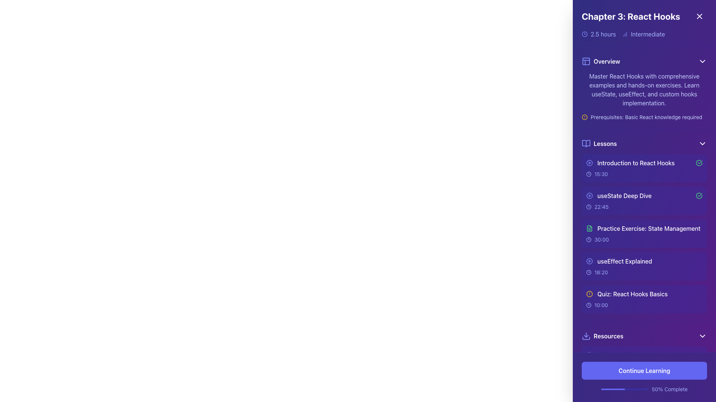 The image size is (716, 402). What do you see at coordinates (625, 261) in the screenshot?
I see `the text label indicating the lesson titled 'useEffect Explained'` at bounding box center [625, 261].